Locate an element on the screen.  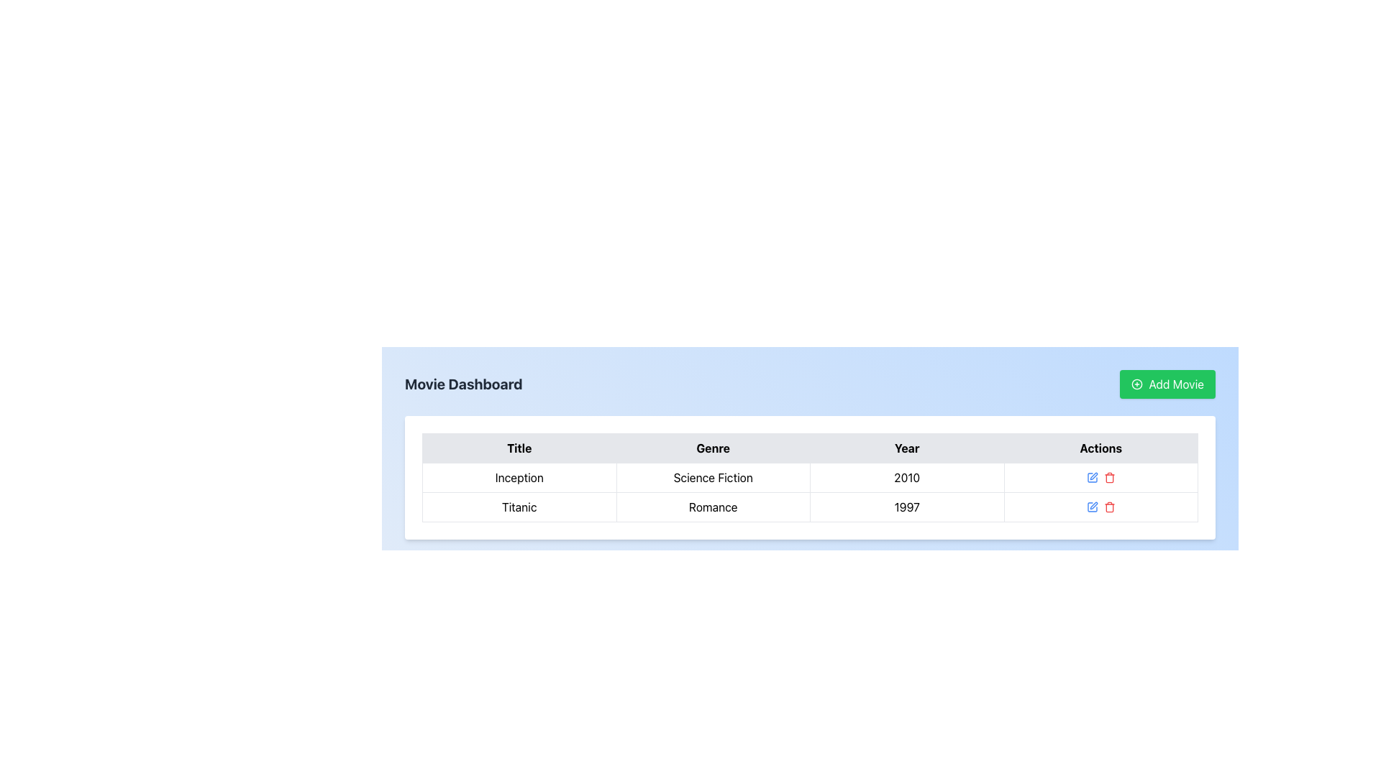
the table cell that serves as the title of a movie, located in the first cell of the second row under the 'Title' column is located at coordinates (518, 506).